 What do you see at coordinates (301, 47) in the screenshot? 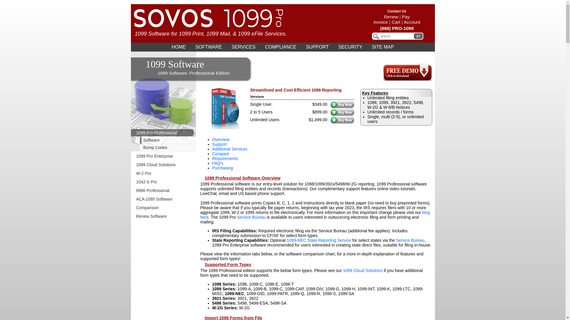
I see `'SUPPORT'` at bounding box center [301, 47].